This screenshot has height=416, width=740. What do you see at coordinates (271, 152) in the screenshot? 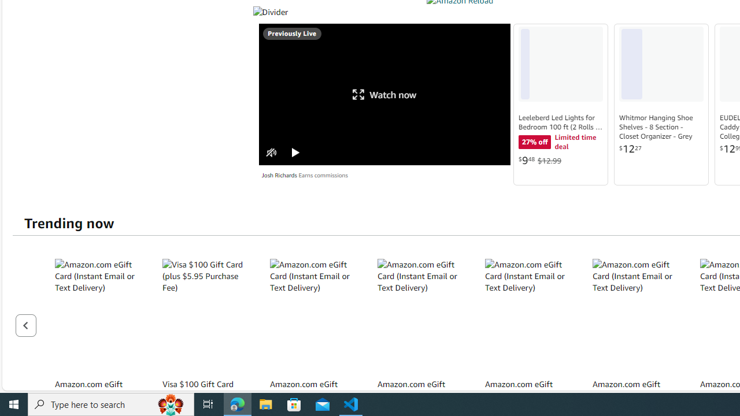
I see `'Unmute'` at bounding box center [271, 152].